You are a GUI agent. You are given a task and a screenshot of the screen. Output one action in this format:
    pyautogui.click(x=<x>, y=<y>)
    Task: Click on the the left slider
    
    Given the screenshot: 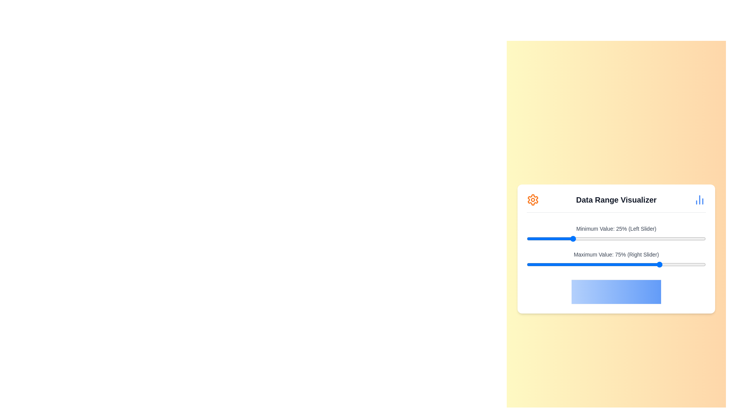 What is the action you would take?
    pyautogui.click(x=562, y=238)
    